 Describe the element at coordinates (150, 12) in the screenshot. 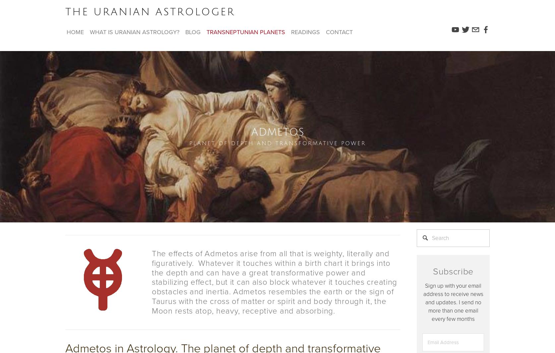

I see `'the uranian astrologer'` at that location.